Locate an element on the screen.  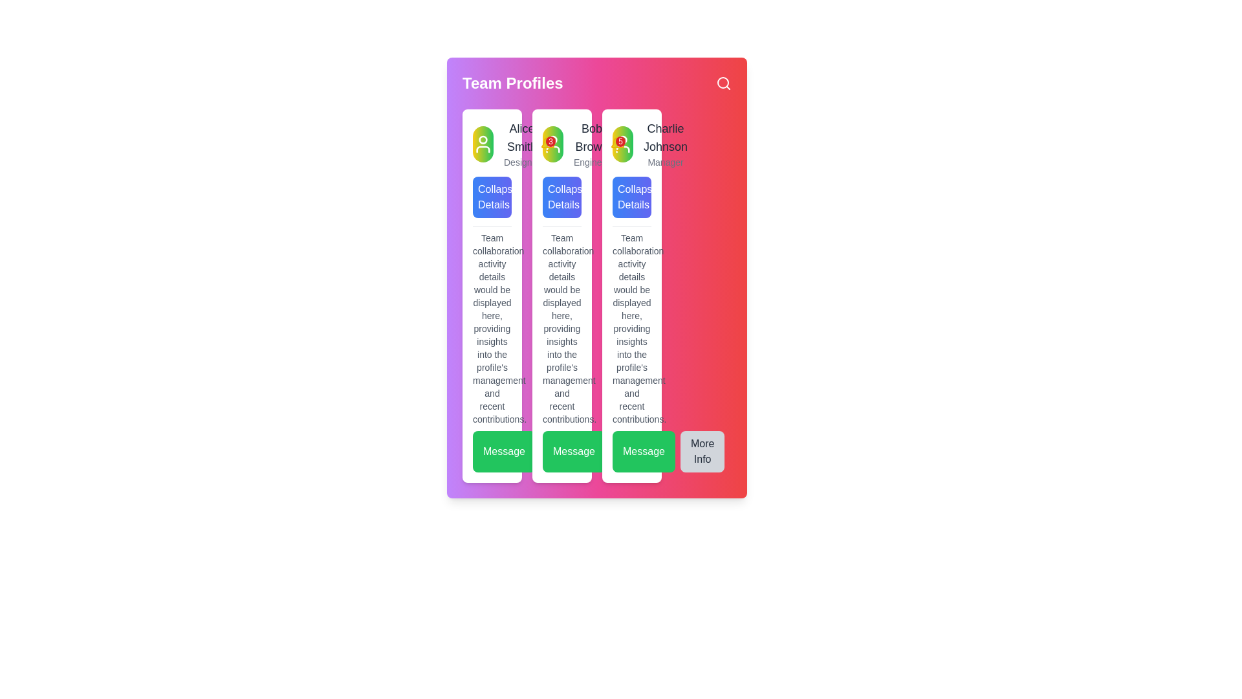
the button labeled 'Collapse Details' with a gradient background transitioning from medium blue to indigo, located below the header 'Bob Brown' to activate its hover effects is located at coordinates (561, 197).